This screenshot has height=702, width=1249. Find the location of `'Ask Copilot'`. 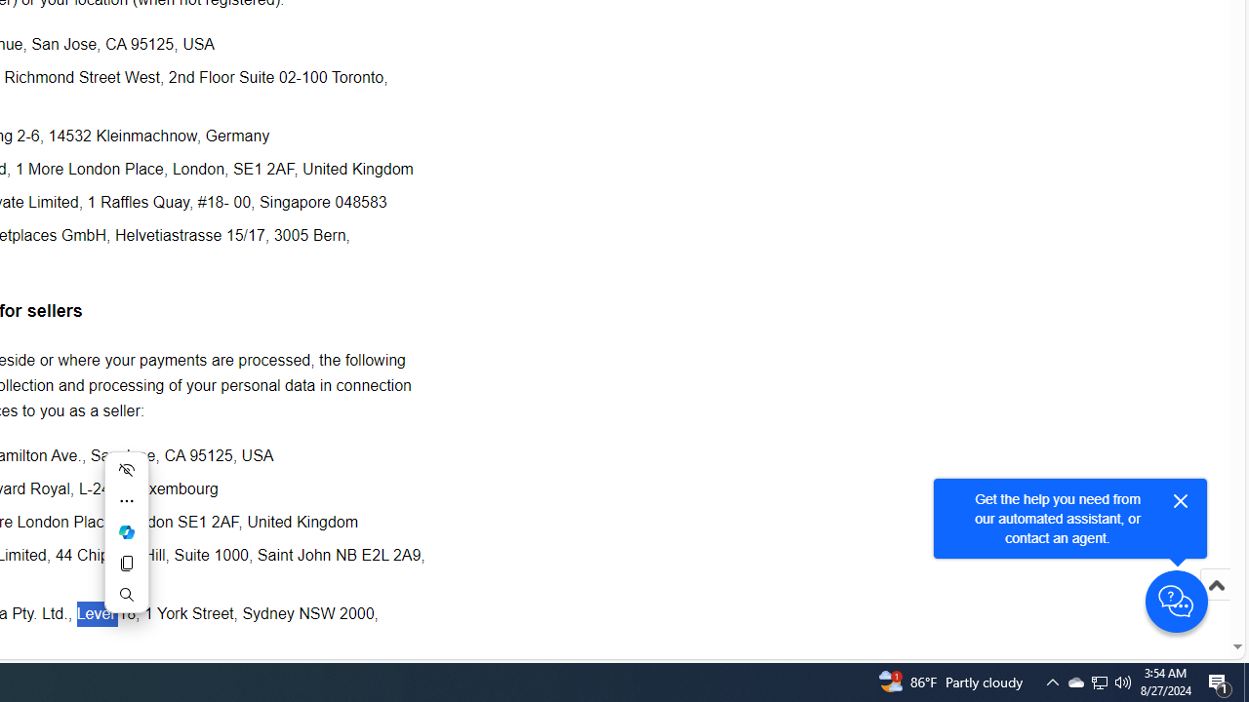

'Ask Copilot' is located at coordinates (125, 532).